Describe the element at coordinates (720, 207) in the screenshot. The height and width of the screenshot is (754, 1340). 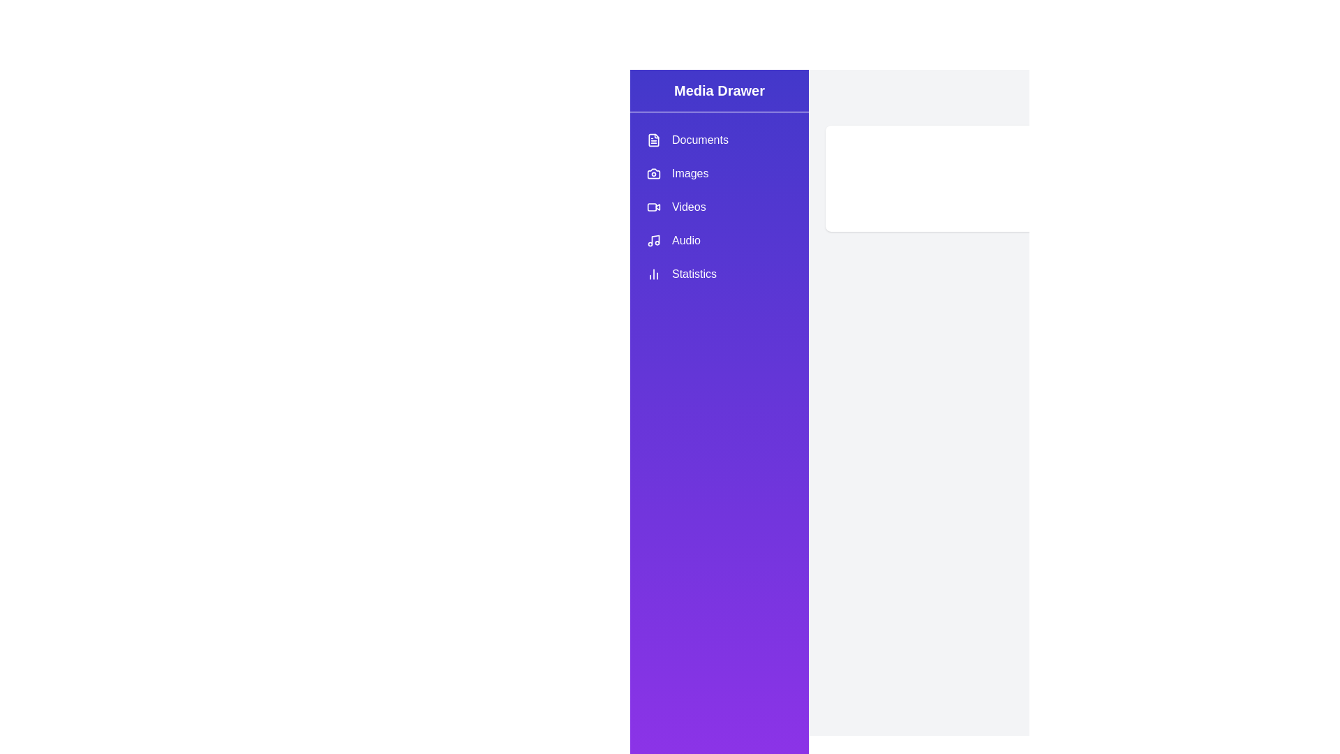
I see `the category Videos in the drawer` at that location.